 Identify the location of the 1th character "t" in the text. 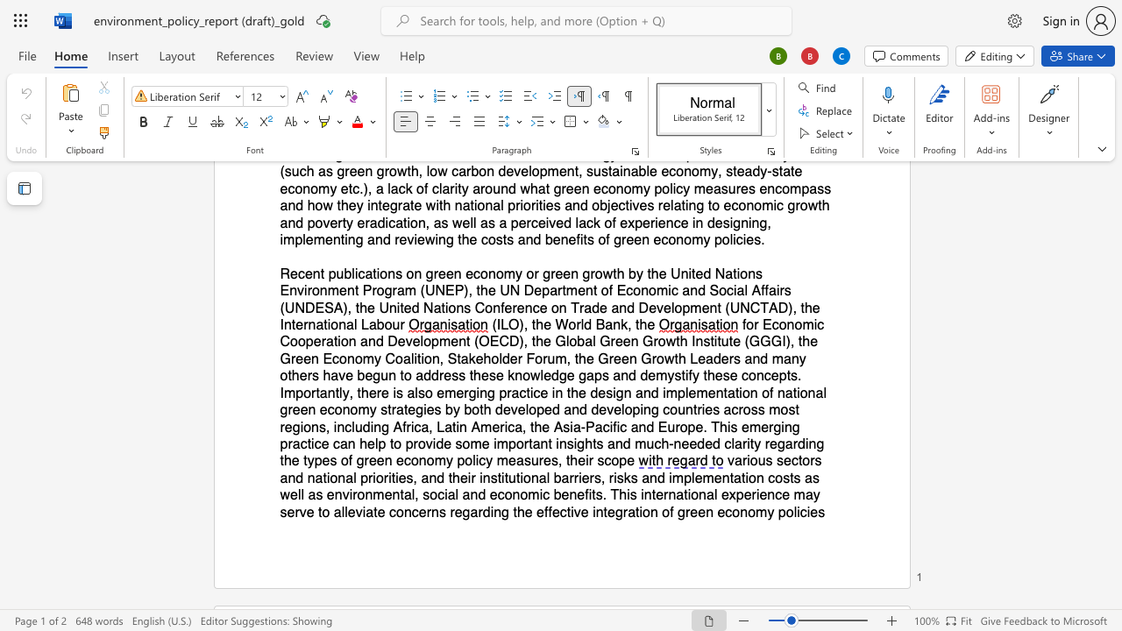
(281, 460).